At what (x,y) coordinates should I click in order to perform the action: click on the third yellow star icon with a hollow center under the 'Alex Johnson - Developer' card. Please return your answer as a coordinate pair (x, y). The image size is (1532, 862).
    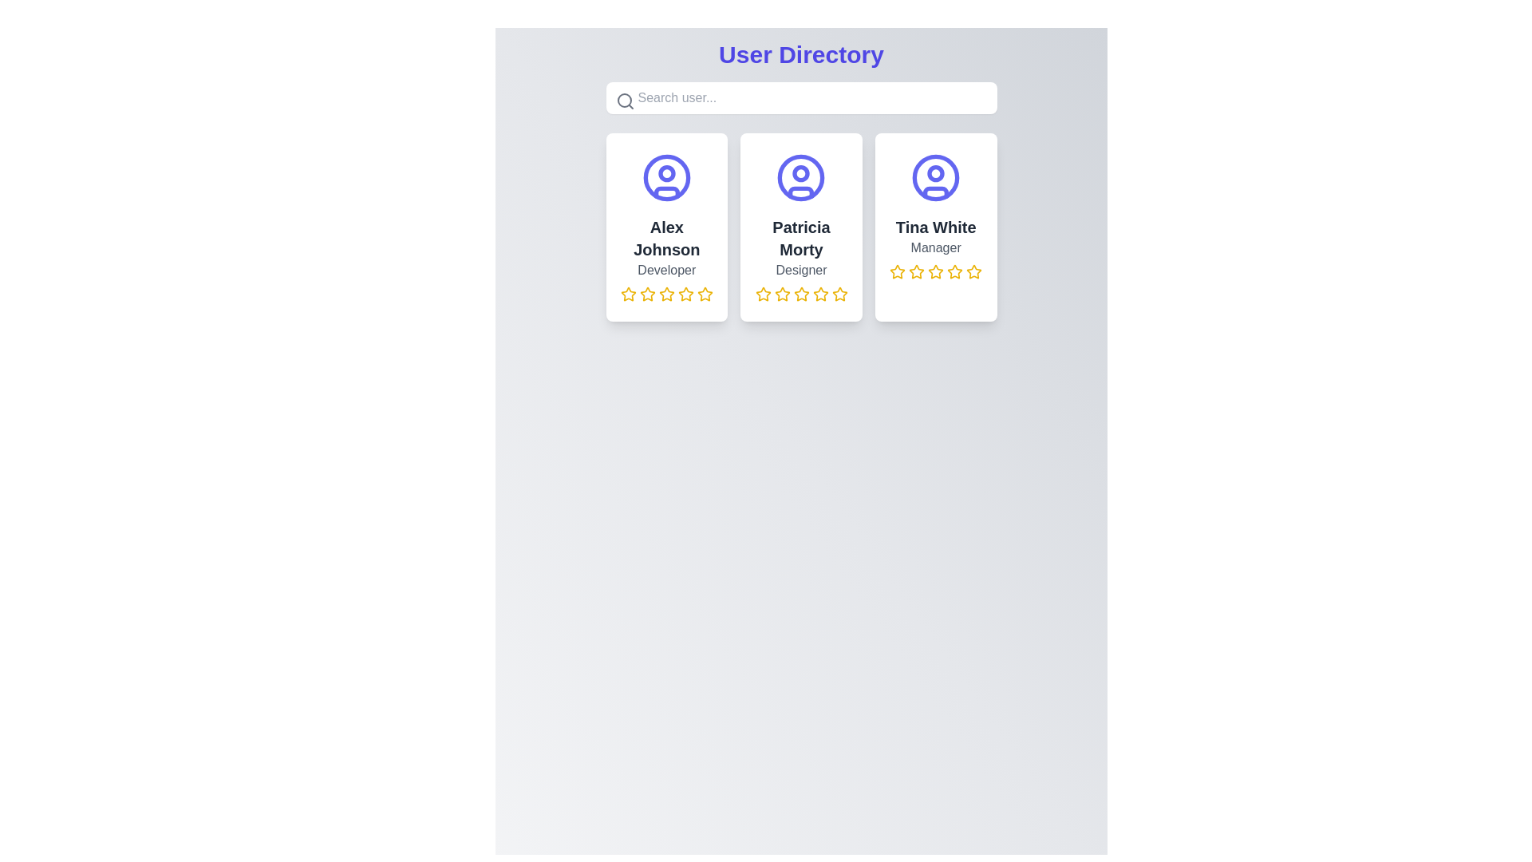
    Looking at the image, I should click on (647, 295).